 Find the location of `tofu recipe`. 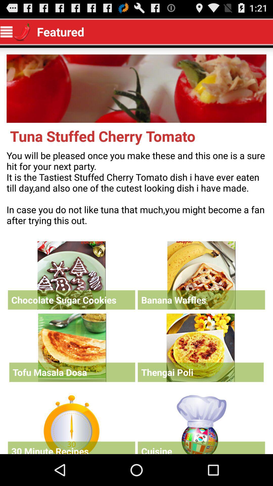

tofu recipe is located at coordinates (72, 347).